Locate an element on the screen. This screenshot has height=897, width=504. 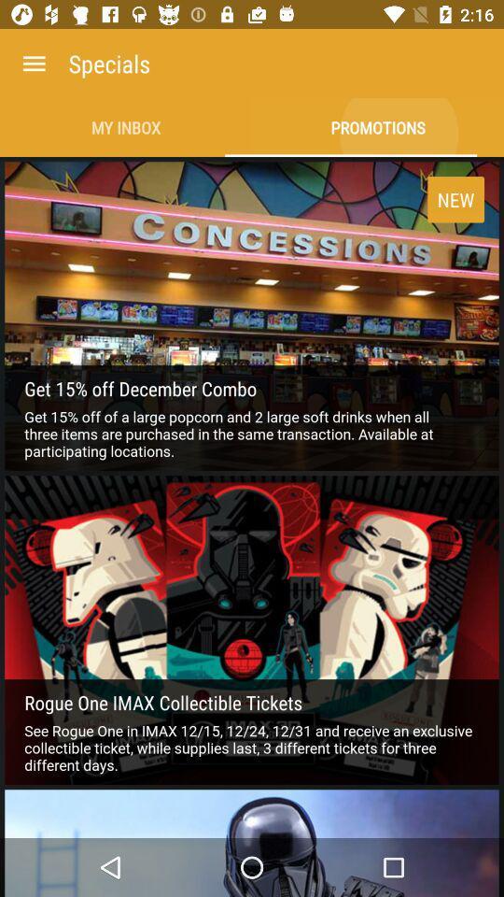
the item next to the specials item is located at coordinates (34, 64).